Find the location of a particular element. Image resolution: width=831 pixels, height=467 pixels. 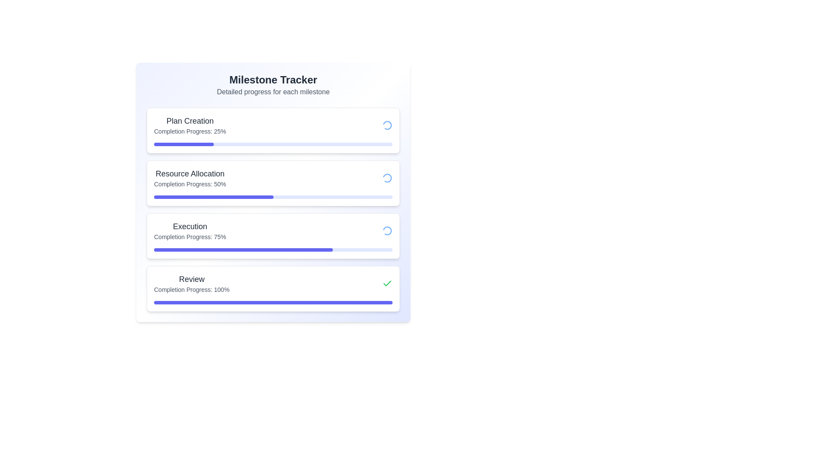

information contained in the Information Banner titled 'Resource Allocation', which shows 'Completion Progress: 50%' is located at coordinates (273, 178).